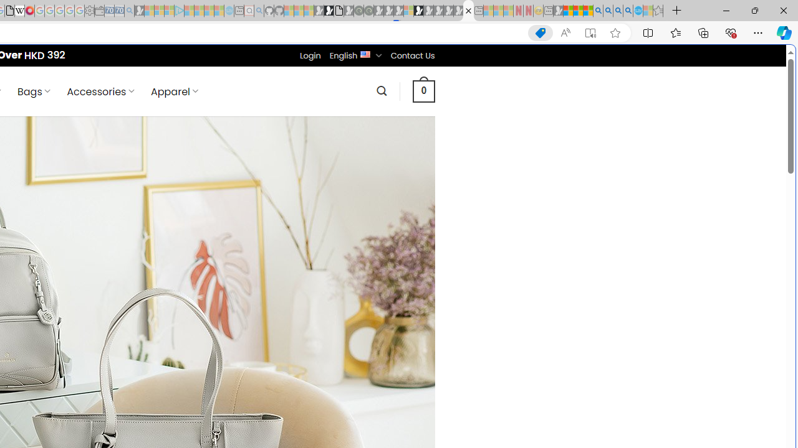 Image resolution: width=798 pixels, height=448 pixels. I want to click on 'Wallet - Sleeping', so click(100, 11).